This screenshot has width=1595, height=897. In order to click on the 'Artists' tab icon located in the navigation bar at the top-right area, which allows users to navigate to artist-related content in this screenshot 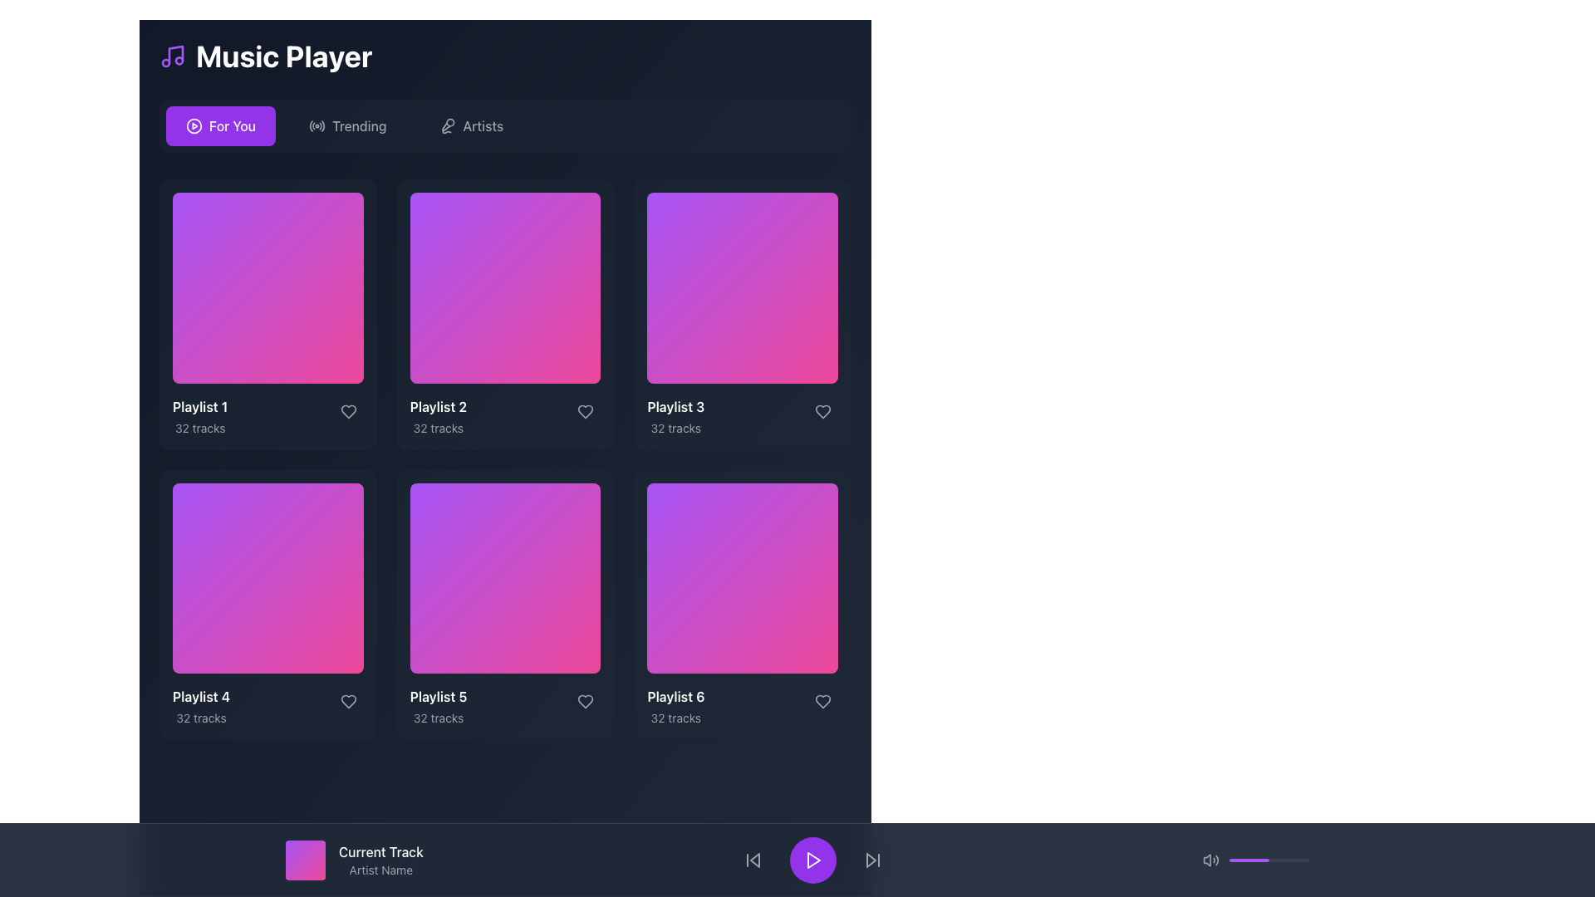, I will do `click(448, 125)`.